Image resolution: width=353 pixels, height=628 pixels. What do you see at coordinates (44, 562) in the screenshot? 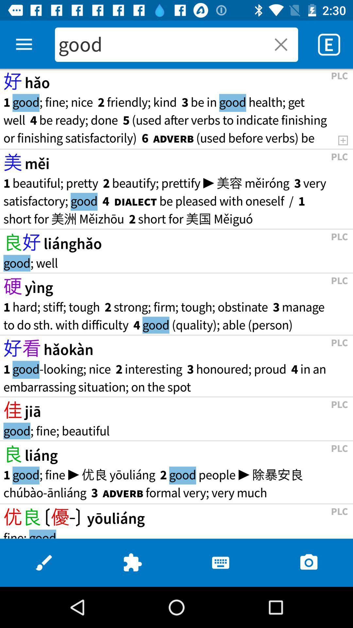
I see `the edit icon` at bounding box center [44, 562].